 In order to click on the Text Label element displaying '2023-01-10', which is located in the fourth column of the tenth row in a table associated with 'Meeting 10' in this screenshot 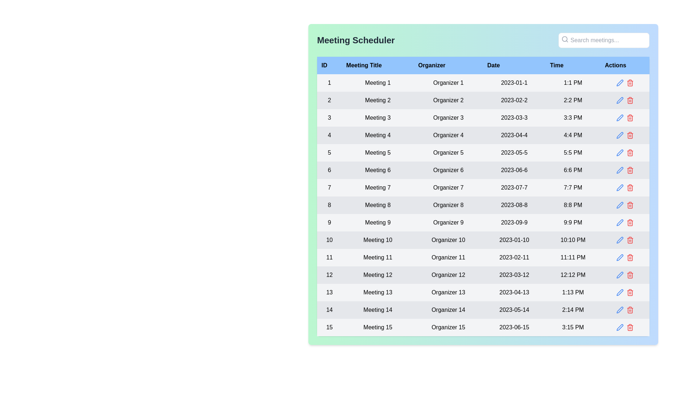, I will do `click(514, 240)`.